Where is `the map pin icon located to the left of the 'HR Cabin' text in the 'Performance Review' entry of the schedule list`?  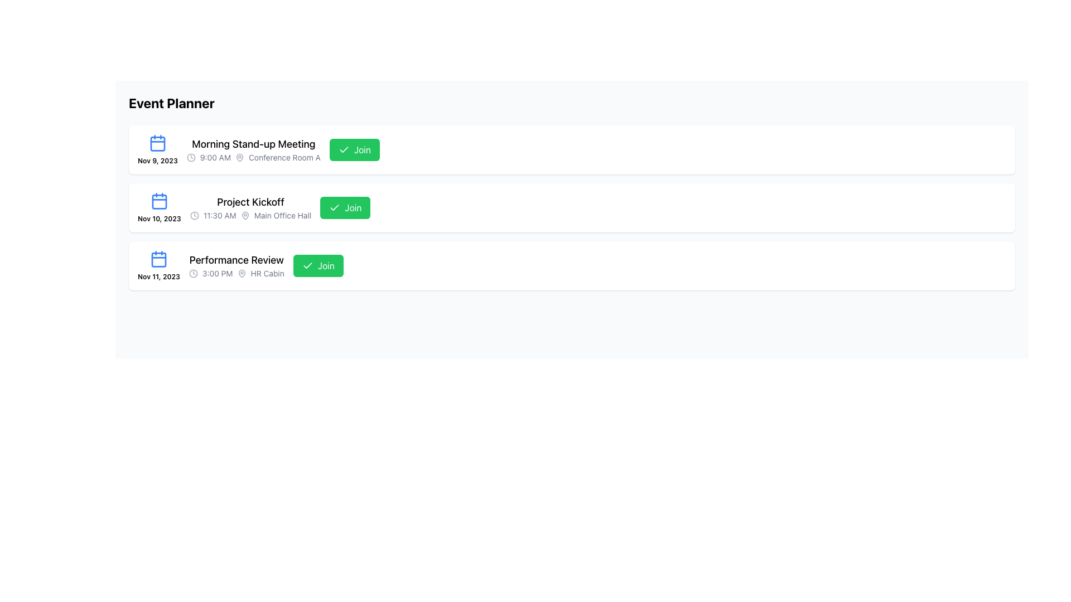
the map pin icon located to the left of the 'HR Cabin' text in the 'Performance Review' entry of the schedule list is located at coordinates (241, 273).